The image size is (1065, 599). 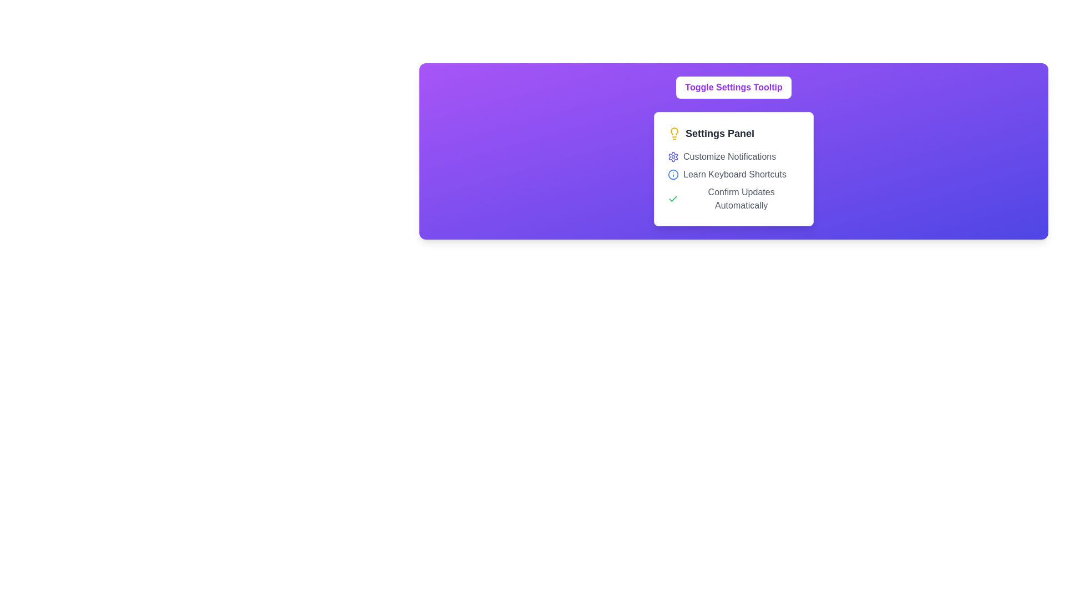 What do you see at coordinates (673, 133) in the screenshot?
I see `the lightbulb icon located within the 'Settings Panel' for accessibility purposes` at bounding box center [673, 133].